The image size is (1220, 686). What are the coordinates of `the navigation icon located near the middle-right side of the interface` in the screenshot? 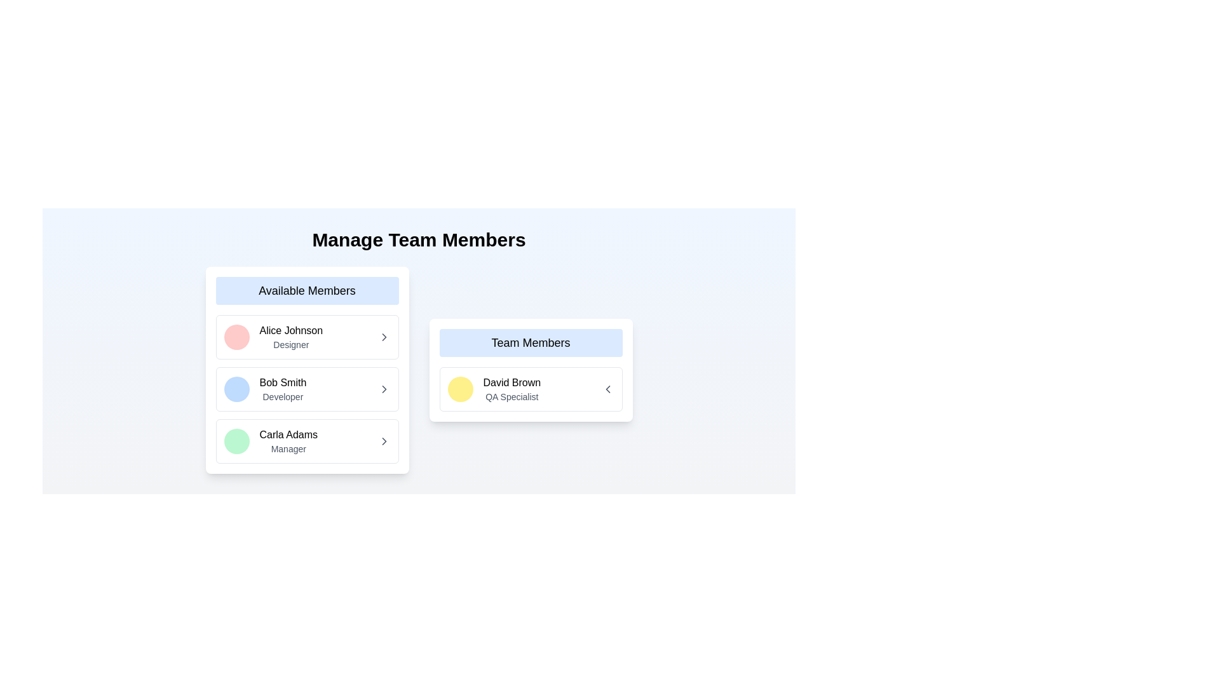 It's located at (607, 389).